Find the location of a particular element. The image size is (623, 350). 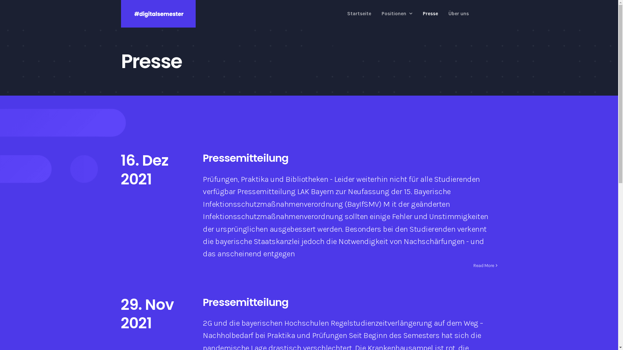

'Presse' is located at coordinates (430, 14).